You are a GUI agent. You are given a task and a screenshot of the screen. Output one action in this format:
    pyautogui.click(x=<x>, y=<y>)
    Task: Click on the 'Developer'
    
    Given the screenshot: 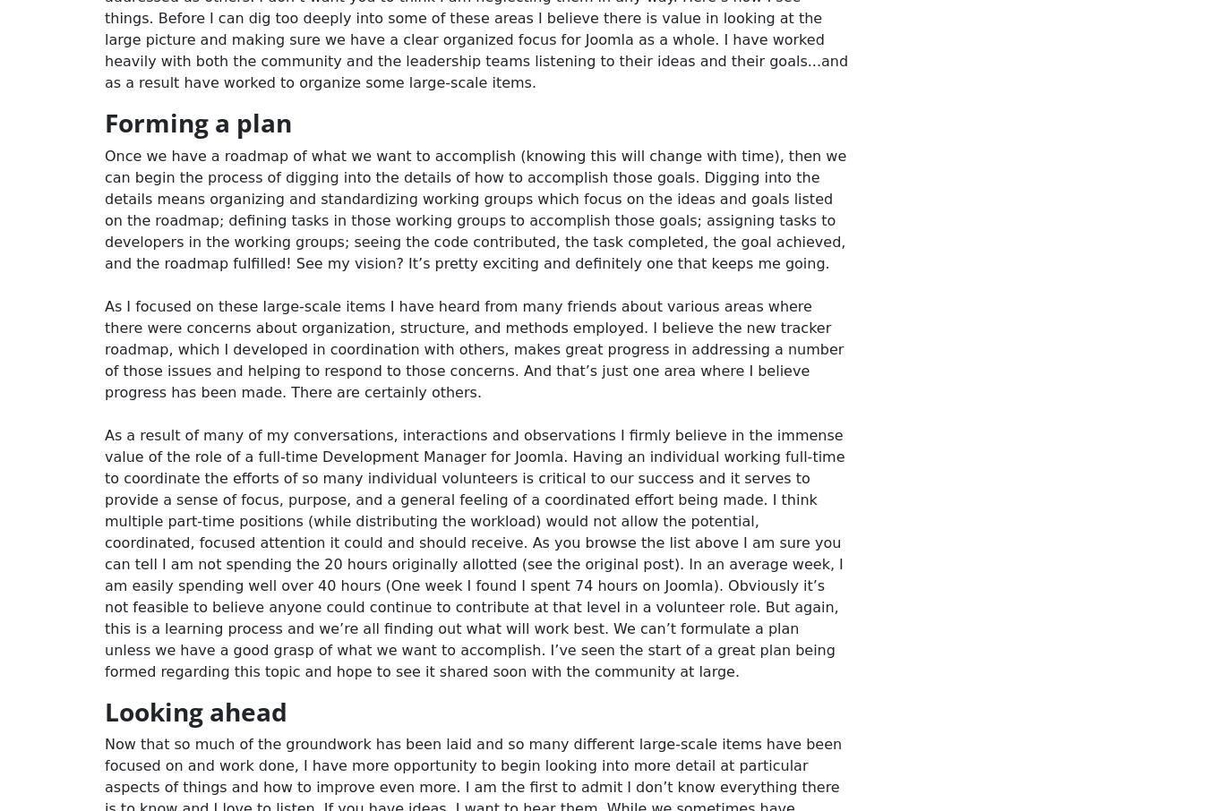 What is the action you would take?
    pyautogui.click(x=821, y=48)
    